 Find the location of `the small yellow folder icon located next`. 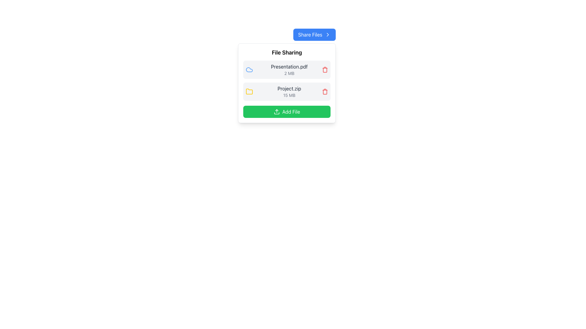

the small yellow folder icon located next is located at coordinates (249, 91).